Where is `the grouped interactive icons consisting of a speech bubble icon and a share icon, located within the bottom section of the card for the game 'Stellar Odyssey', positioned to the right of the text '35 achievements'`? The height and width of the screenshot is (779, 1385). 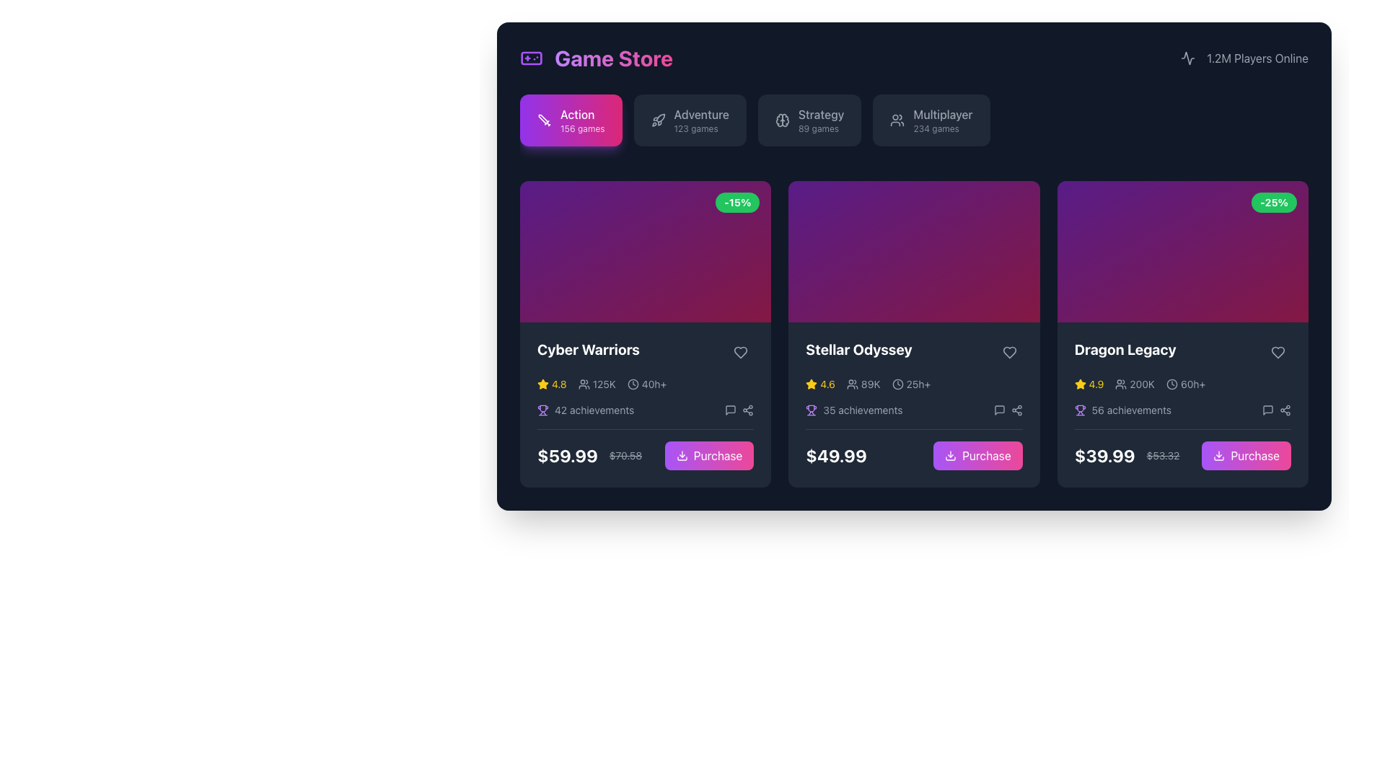
the grouped interactive icons consisting of a speech bubble icon and a share icon, located within the bottom section of the card for the game 'Stellar Odyssey', positioned to the right of the text '35 achievements' is located at coordinates (1007, 410).